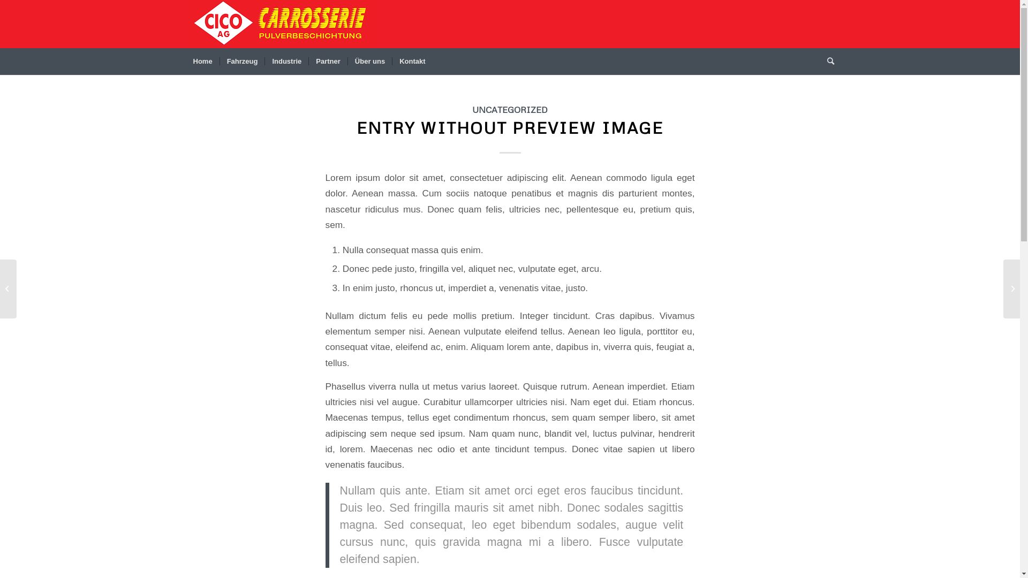 This screenshot has height=578, width=1028. What do you see at coordinates (241, 62) in the screenshot?
I see `'Fahrzeug'` at bounding box center [241, 62].